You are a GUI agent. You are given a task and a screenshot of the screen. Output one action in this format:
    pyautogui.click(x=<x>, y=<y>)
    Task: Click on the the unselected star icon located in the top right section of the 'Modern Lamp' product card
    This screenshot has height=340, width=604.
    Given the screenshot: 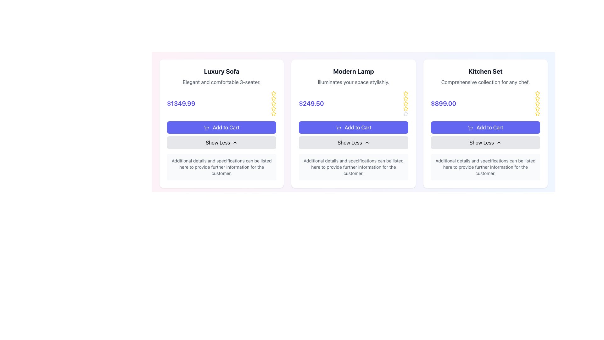 What is the action you would take?
    pyautogui.click(x=405, y=114)
    